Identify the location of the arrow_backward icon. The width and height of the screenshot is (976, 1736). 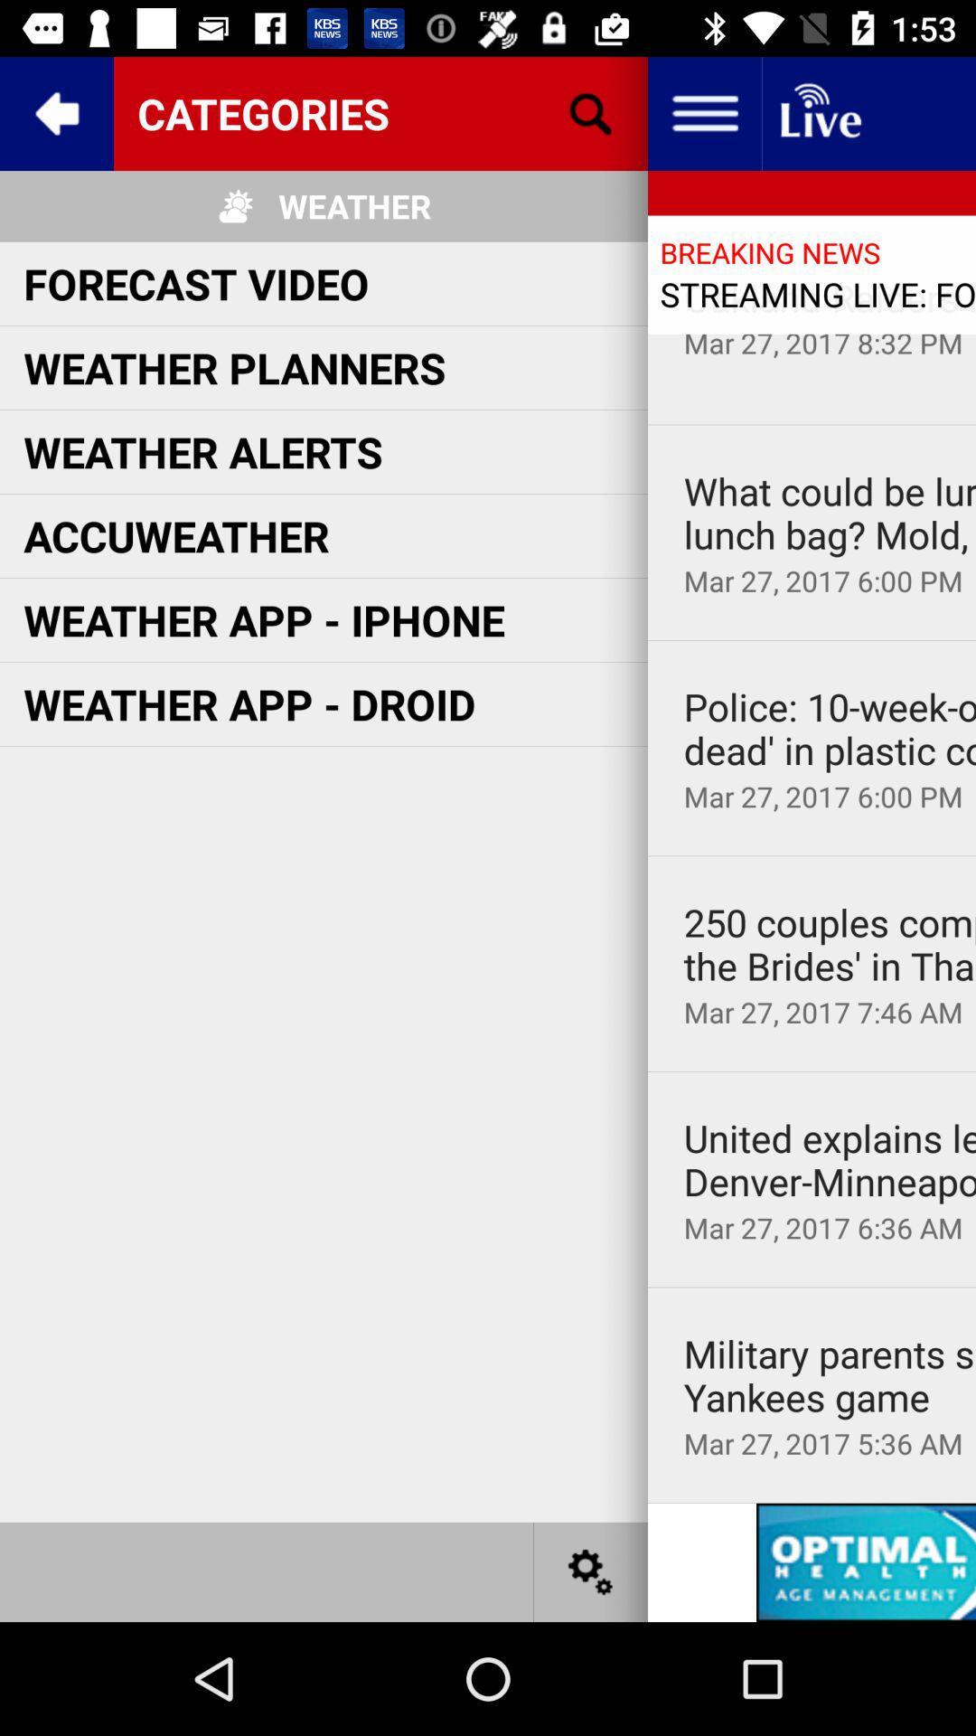
(55, 112).